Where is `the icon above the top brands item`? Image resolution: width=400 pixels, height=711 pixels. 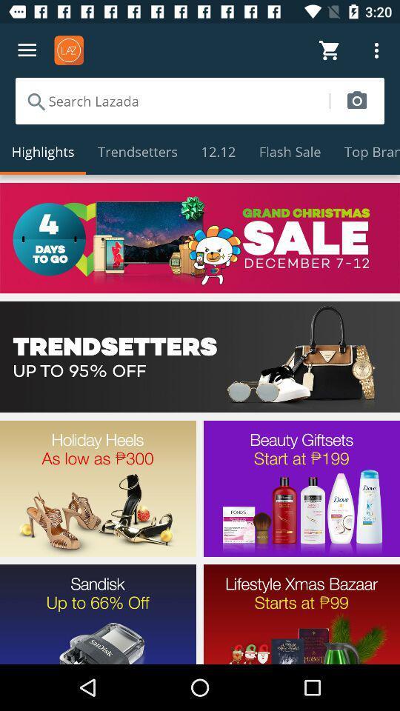 the icon above the top brands item is located at coordinates (356, 100).